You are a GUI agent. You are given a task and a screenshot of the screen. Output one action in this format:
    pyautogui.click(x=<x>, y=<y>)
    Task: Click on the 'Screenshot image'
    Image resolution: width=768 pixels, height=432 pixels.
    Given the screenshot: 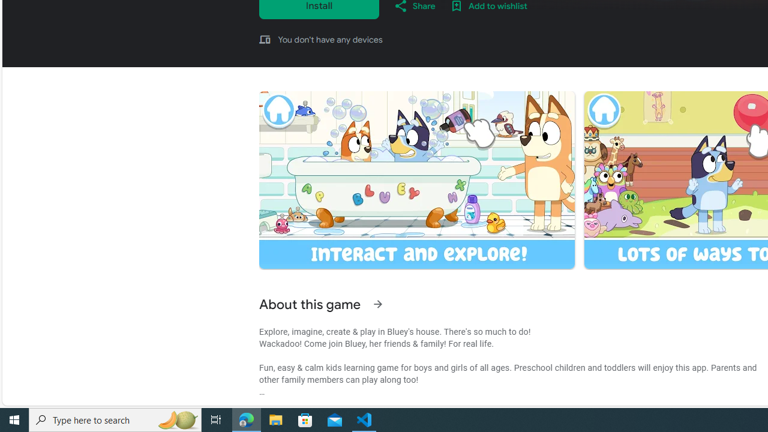 What is the action you would take?
    pyautogui.click(x=416, y=179)
    